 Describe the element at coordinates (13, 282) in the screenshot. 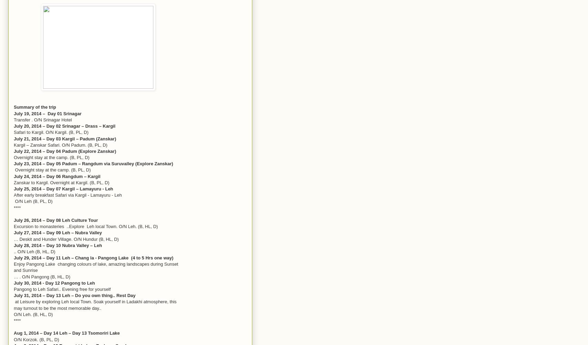

I see `'July 30, 2014 - Day 12 Pangong to Leh'` at that location.